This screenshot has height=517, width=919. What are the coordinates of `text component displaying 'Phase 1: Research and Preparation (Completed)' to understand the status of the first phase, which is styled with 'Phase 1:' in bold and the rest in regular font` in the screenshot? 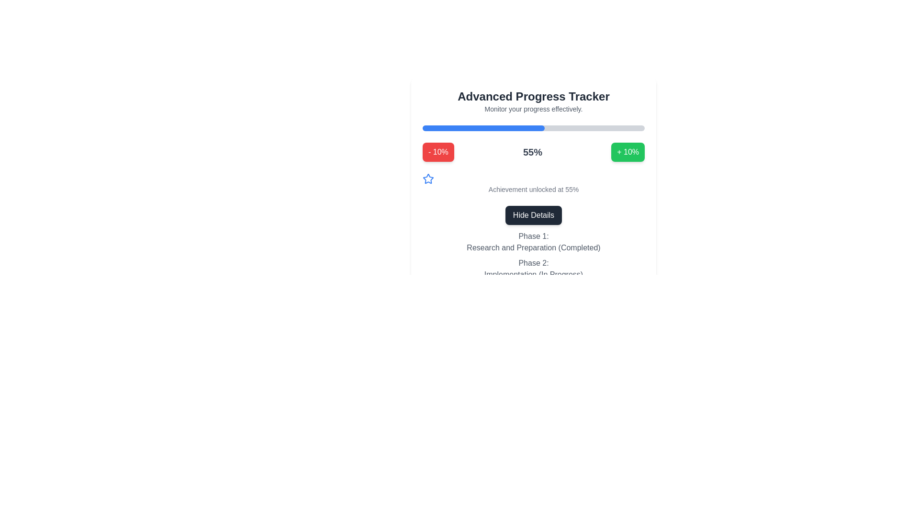 It's located at (533, 241).